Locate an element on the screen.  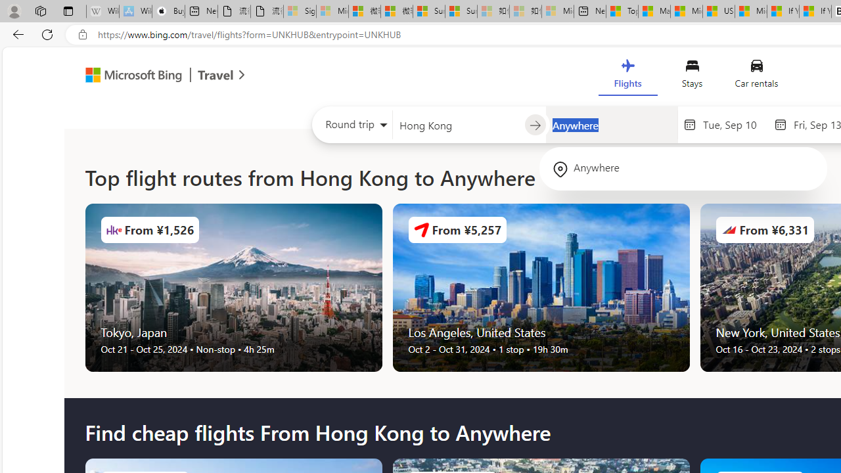
'Class: msft-travel-logo' is located at coordinates (216, 75).